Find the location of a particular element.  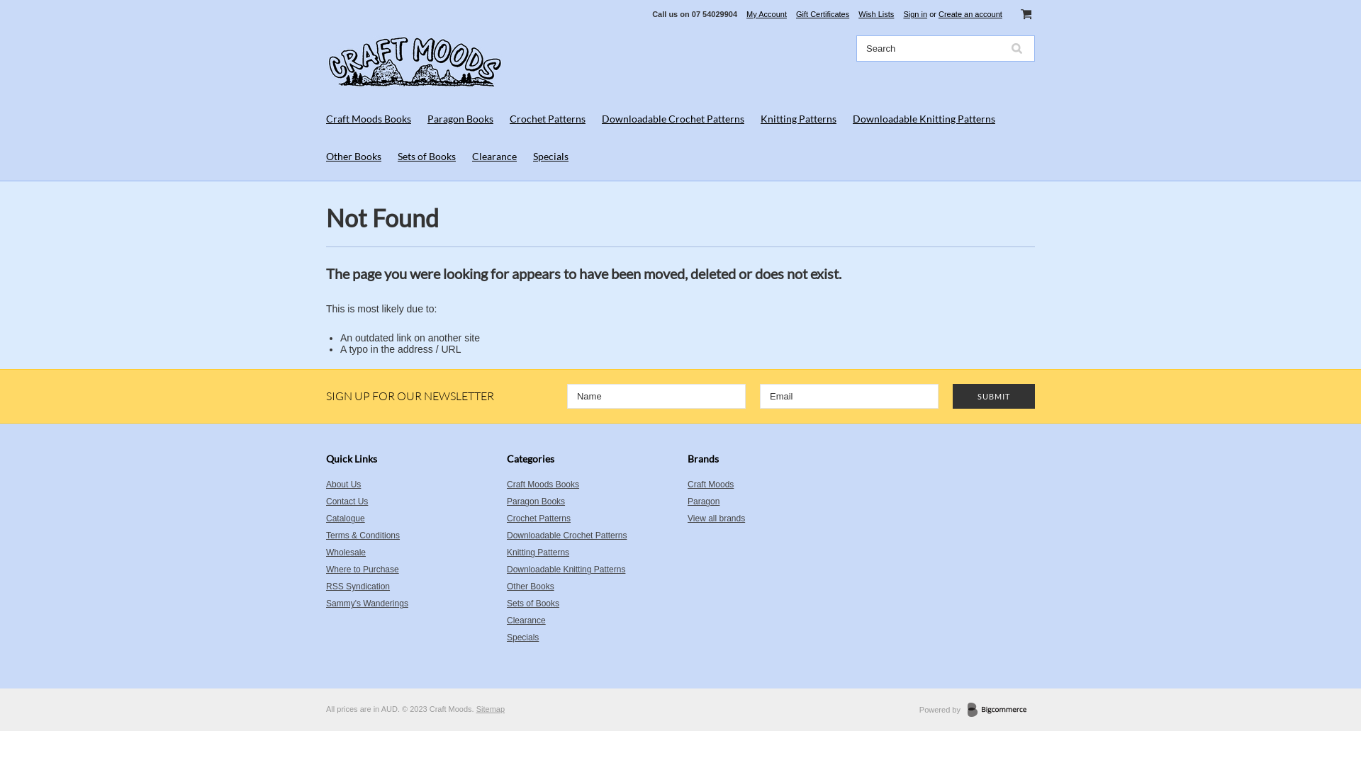

'Terms & Conditions' is located at coordinates (408, 535).